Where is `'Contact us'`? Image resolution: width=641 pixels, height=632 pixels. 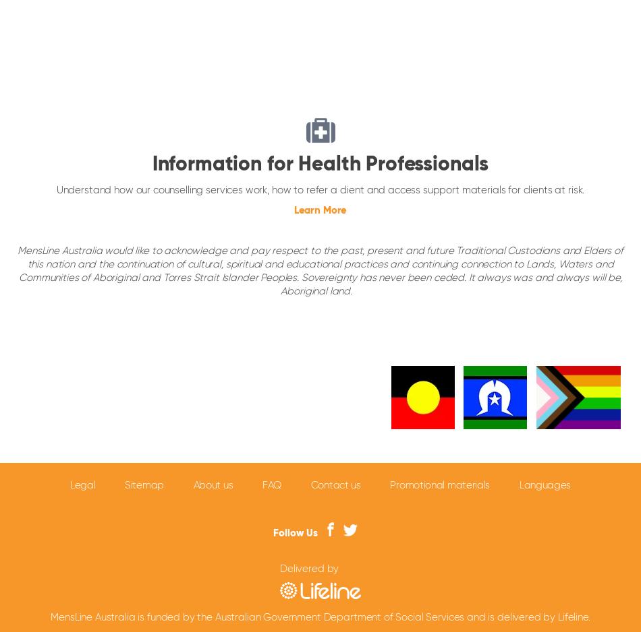
'Contact us' is located at coordinates (335, 484).